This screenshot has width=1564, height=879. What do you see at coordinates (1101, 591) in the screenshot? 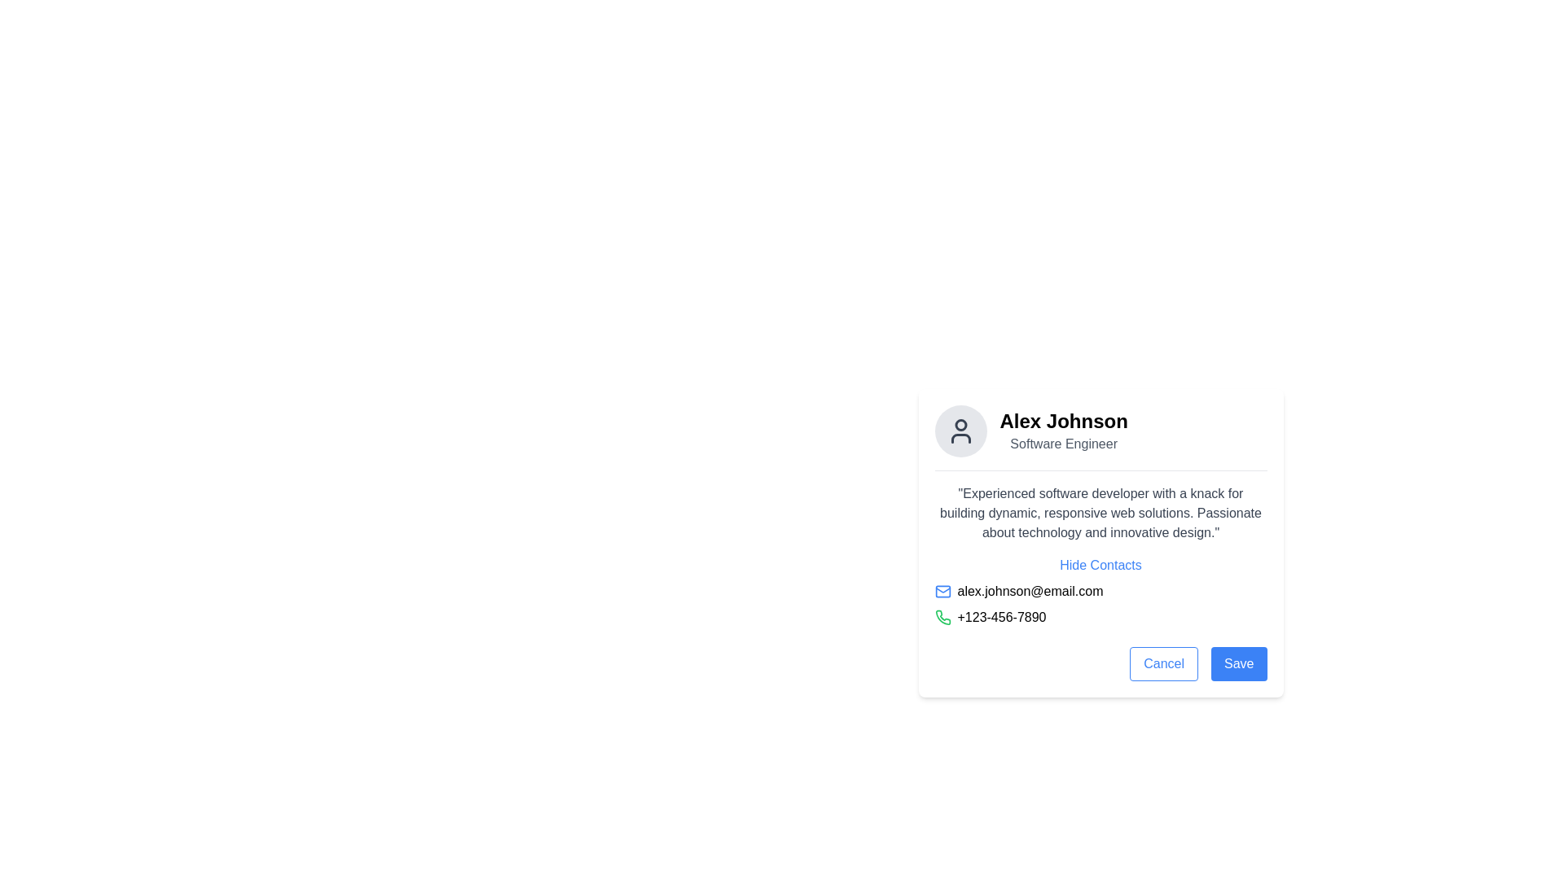
I see `the email address displayed` at bounding box center [1101, 591].